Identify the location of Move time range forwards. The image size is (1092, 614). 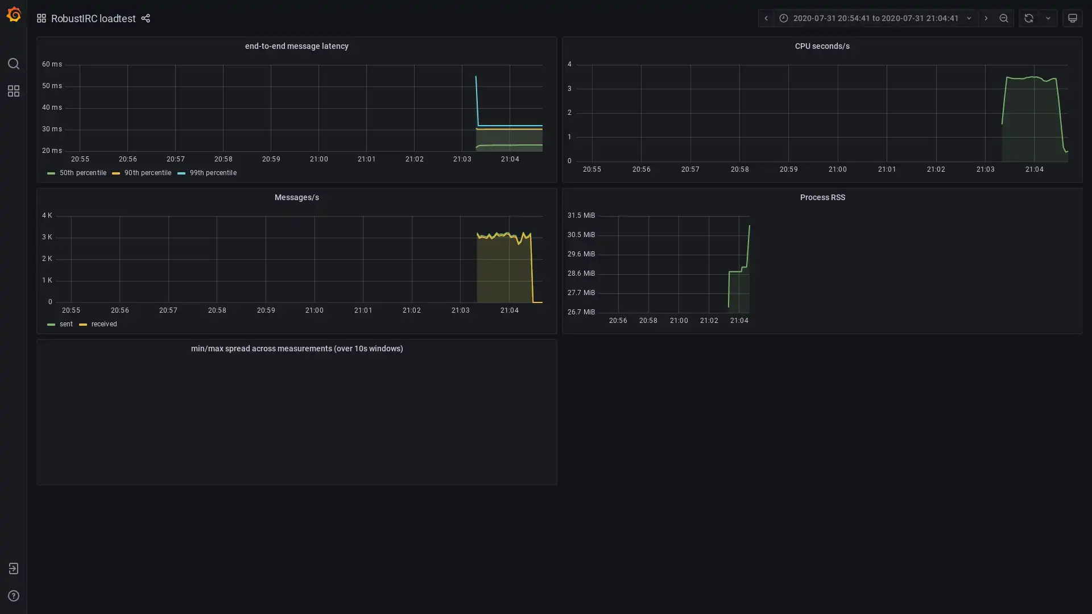
(985, 18).